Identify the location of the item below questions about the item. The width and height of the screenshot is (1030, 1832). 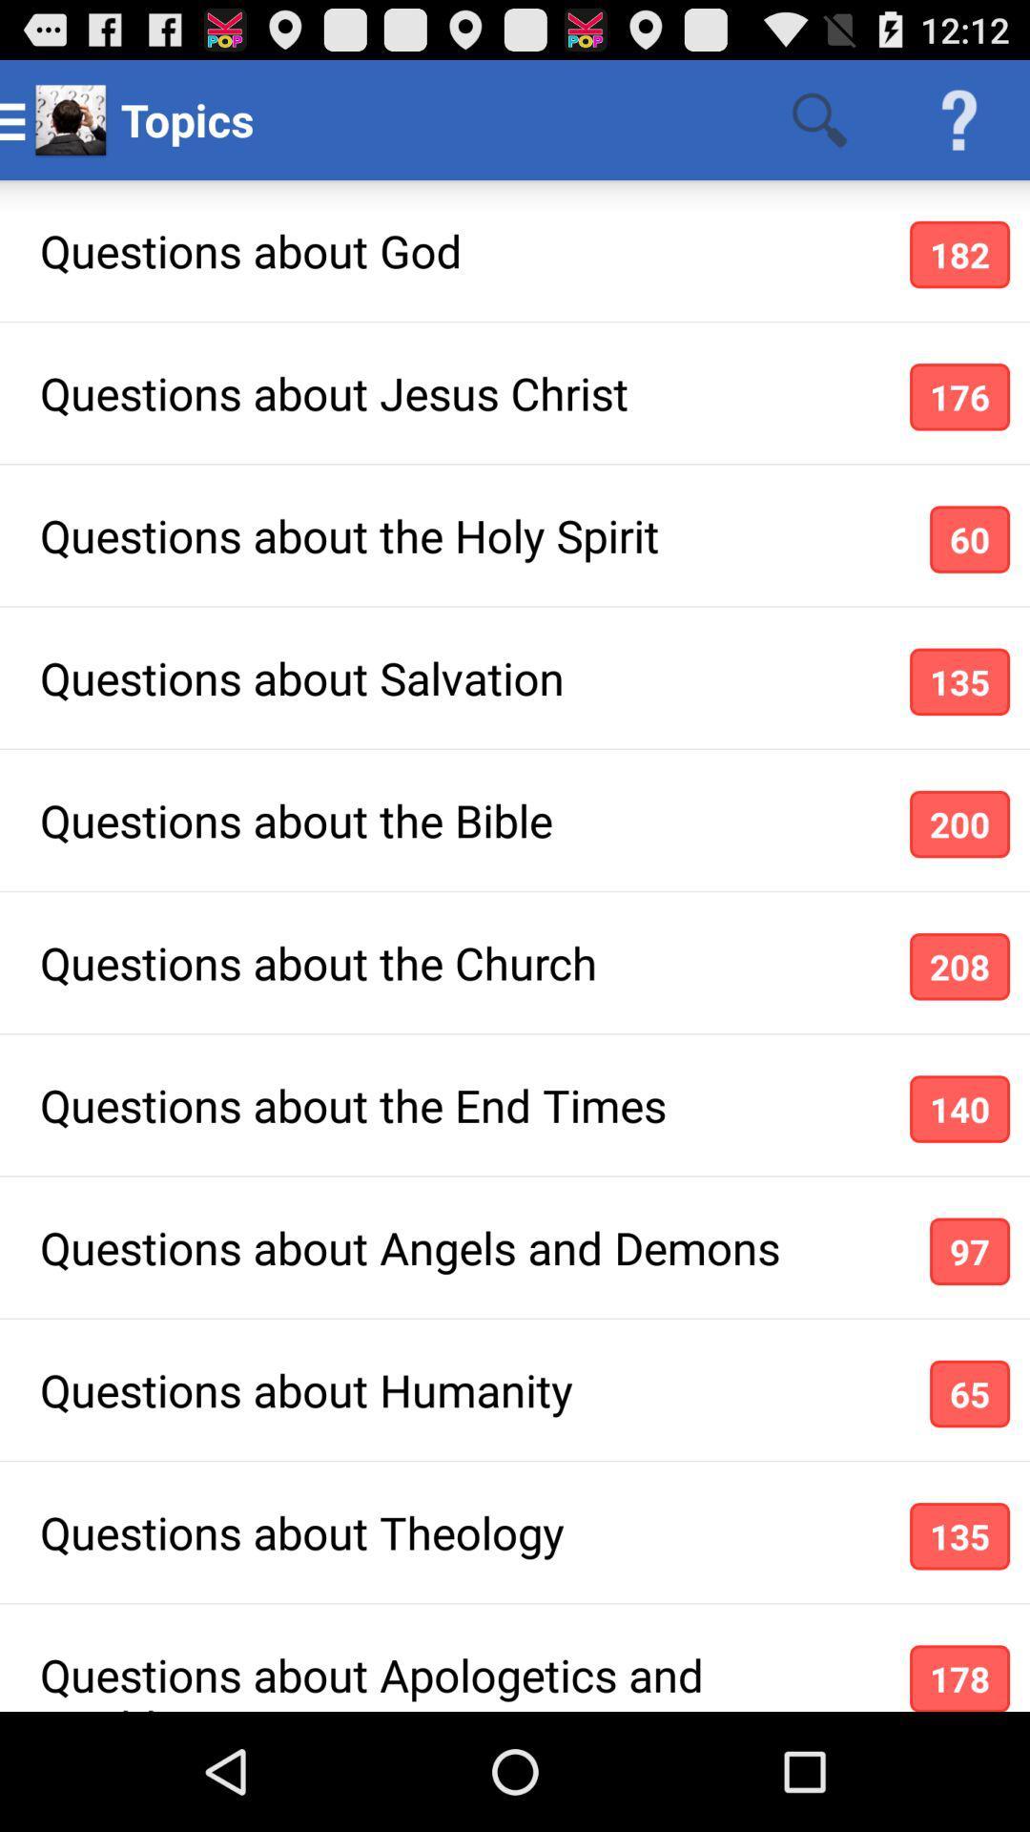
(959, 1109).